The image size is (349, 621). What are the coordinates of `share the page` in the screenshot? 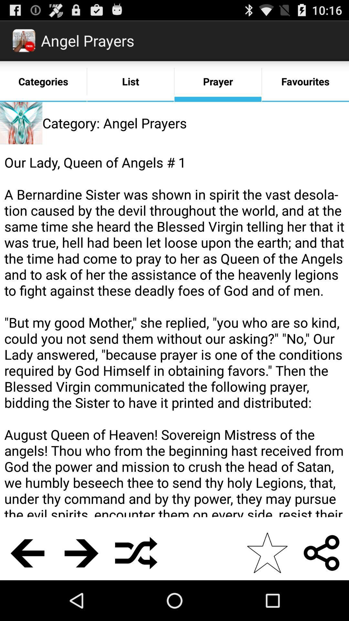 It's located at (322, 552).